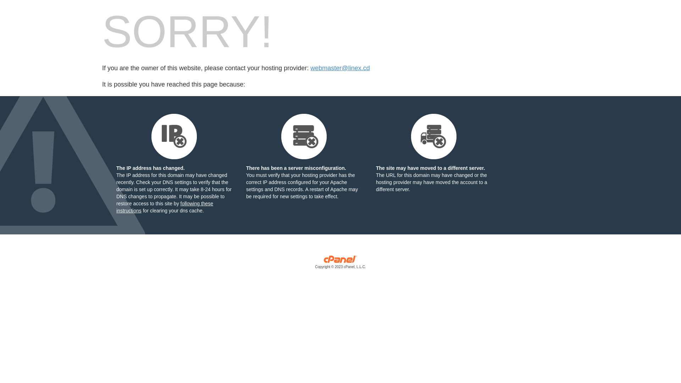 The height and width of the screenshot is (383, 681). I want to click on 'following these instructions', so click(164, 207).